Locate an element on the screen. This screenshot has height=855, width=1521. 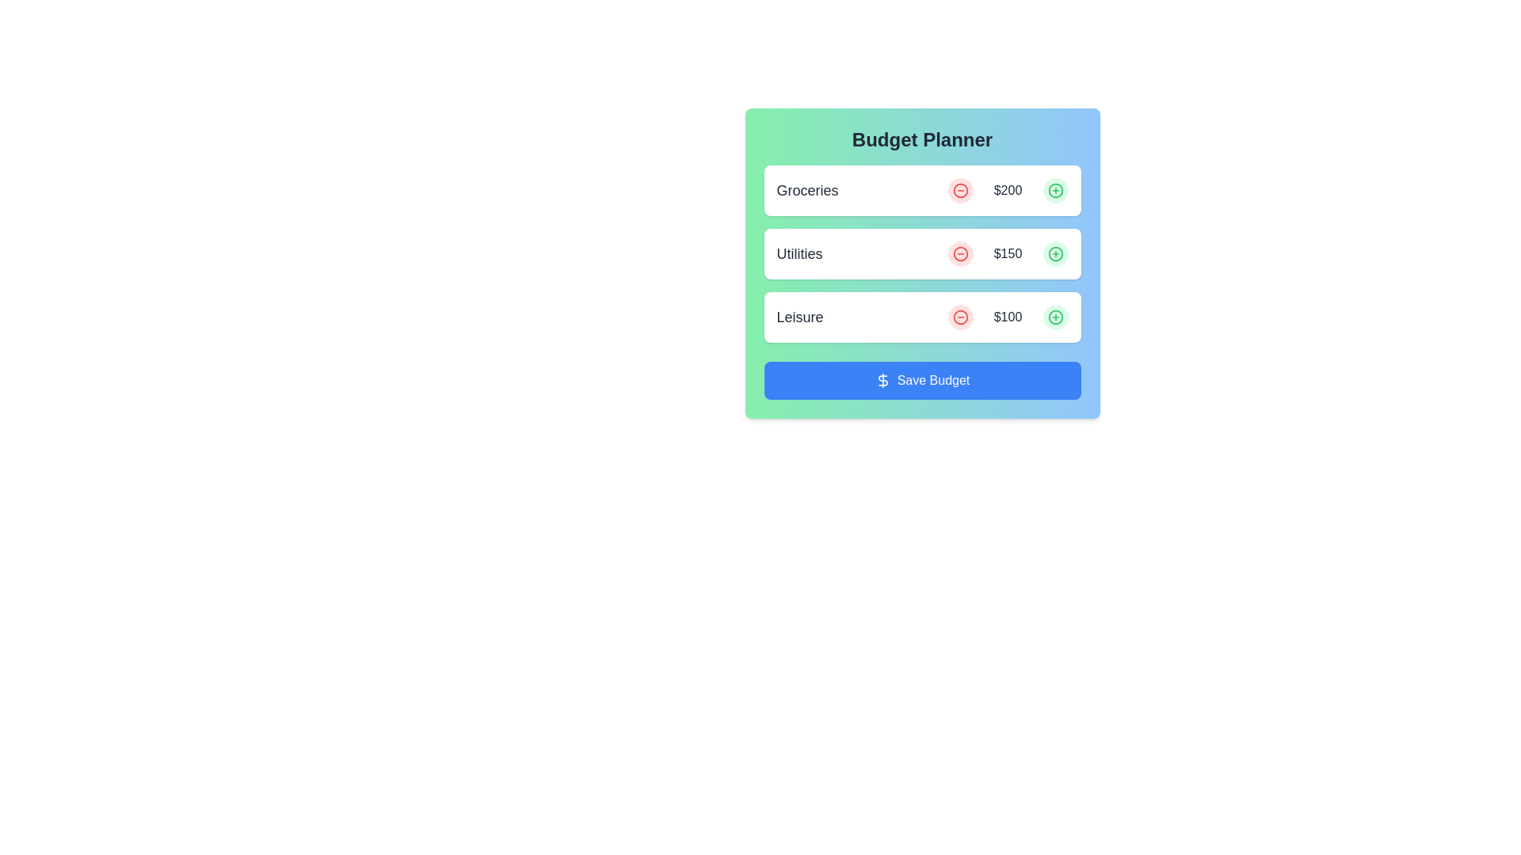
the text label displaying the budget amount for 'Groceries' in the 'Budget Planner' interface, located between the decrement and increment buttons is located at coordinates (1007, 189).